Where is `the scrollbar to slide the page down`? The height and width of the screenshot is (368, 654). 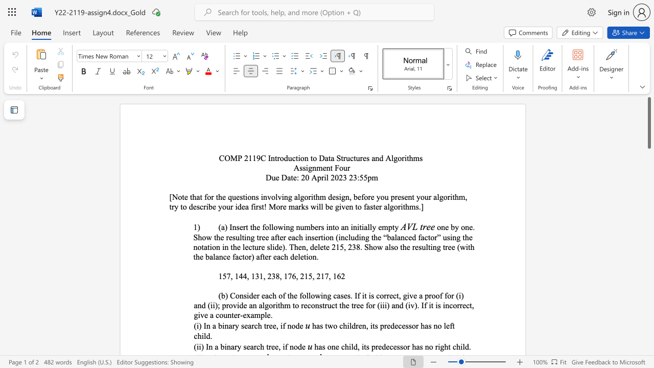 the scrollbar to slide the page down is located at coordinates (648, 235).